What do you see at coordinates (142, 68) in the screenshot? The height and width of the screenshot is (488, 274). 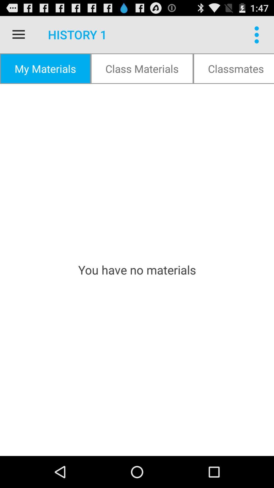 I see `icon to the right of my materials item` at bounding box center [142, 68].